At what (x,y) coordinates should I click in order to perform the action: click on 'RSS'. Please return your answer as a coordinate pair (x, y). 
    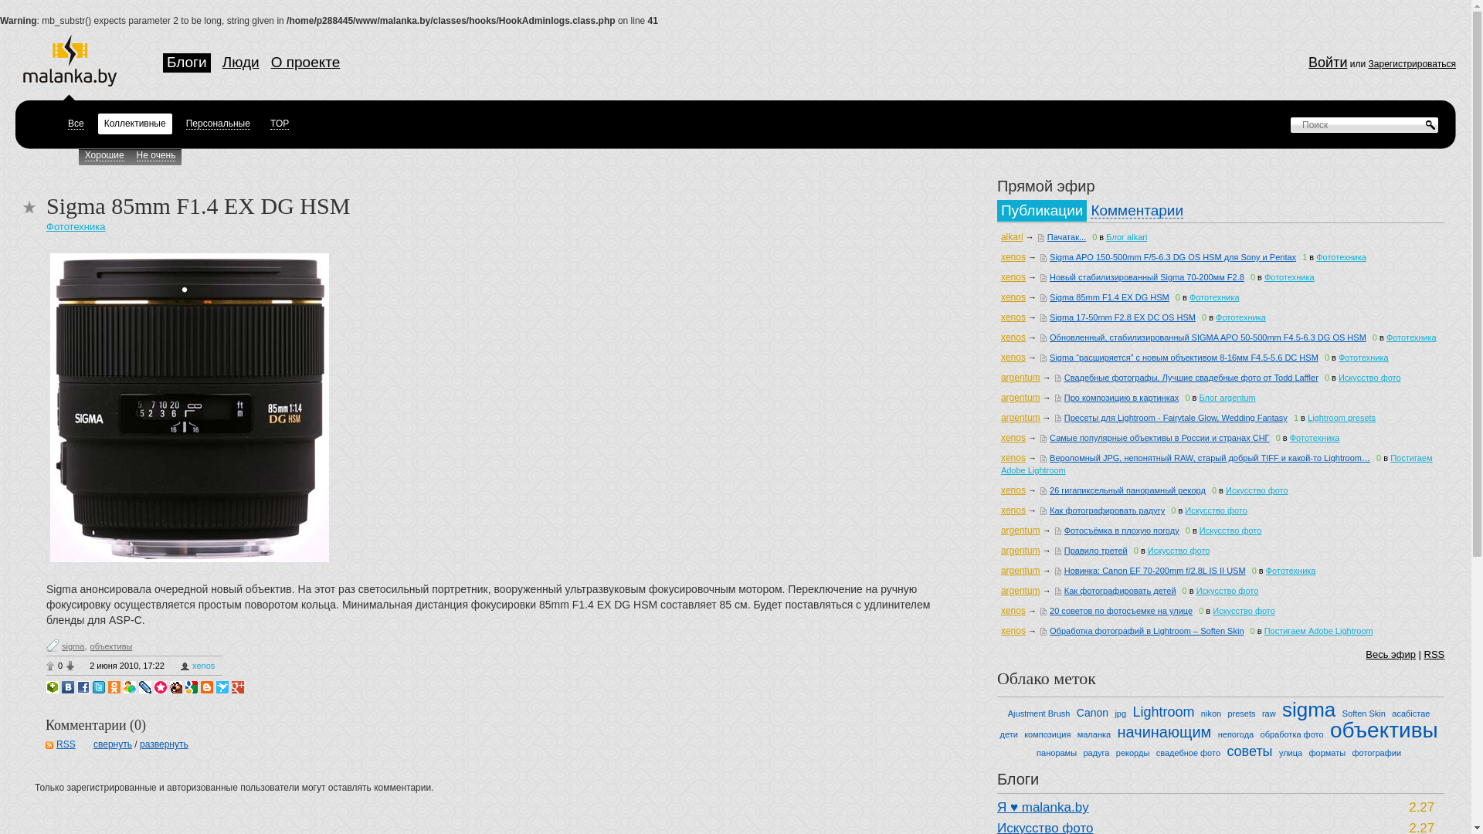
    Looking at the image, I should click on (60, 744).